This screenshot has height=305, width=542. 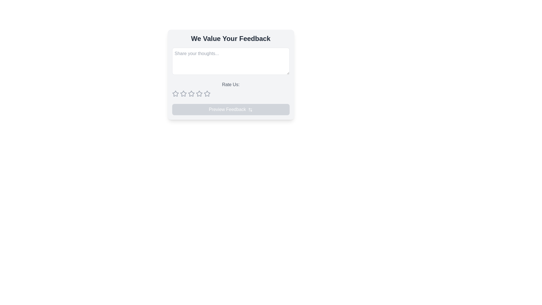 I want to click on the sixth star rating button located below the 'Rate Us' text area, so click(x=199, y=93).